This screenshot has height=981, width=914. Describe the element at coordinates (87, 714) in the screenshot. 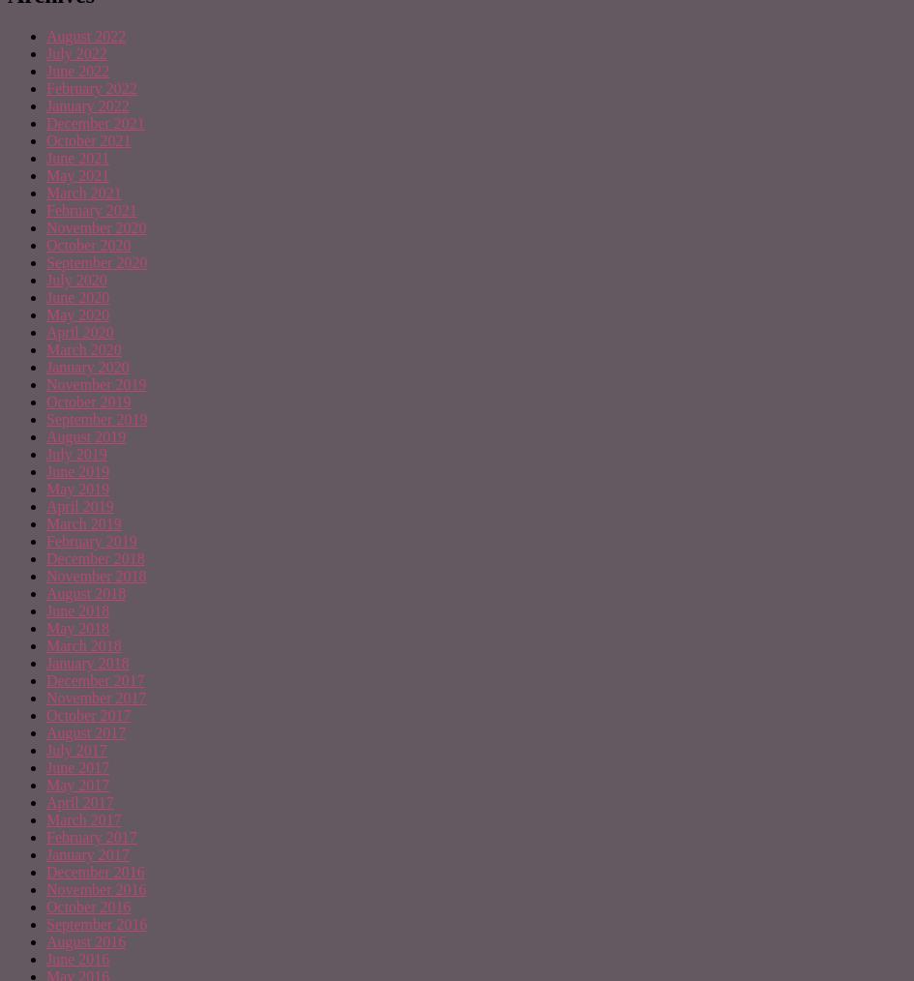

I see `'October 2017'` at that location.